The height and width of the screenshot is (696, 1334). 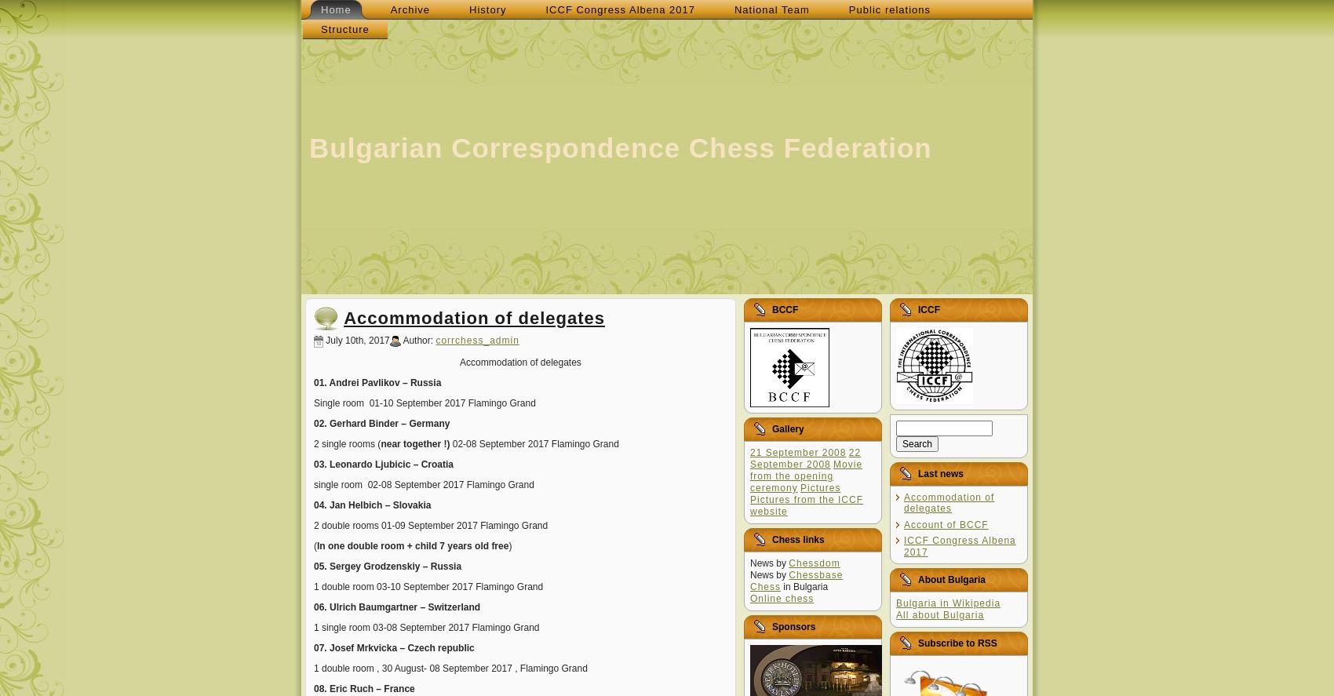 What do you see at coordinates (336, 9) in the screenshot?
I see `'Home'` at bounding box center [336, 9].